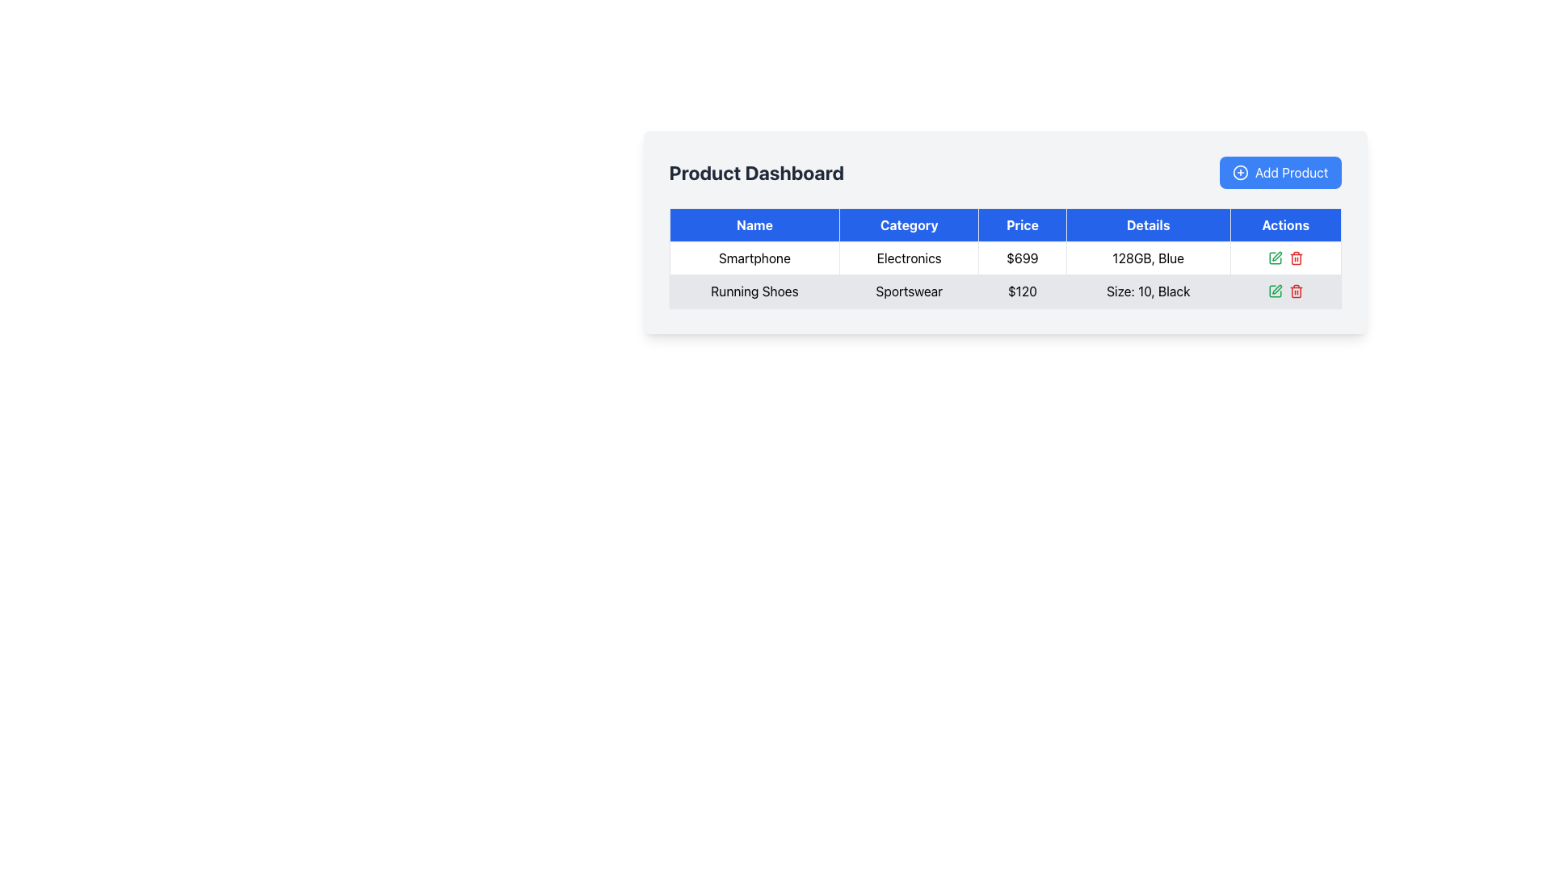 Image resolution: width=1551 pixels, height=872 pixels. What do you see at coordinates (1284, 258) in the screenshot?
I see `the delete icon in the Action cell of the first row of the table, which is adjacent to the '128GB, Blue' details cell` at bounding box center [1284, 258].